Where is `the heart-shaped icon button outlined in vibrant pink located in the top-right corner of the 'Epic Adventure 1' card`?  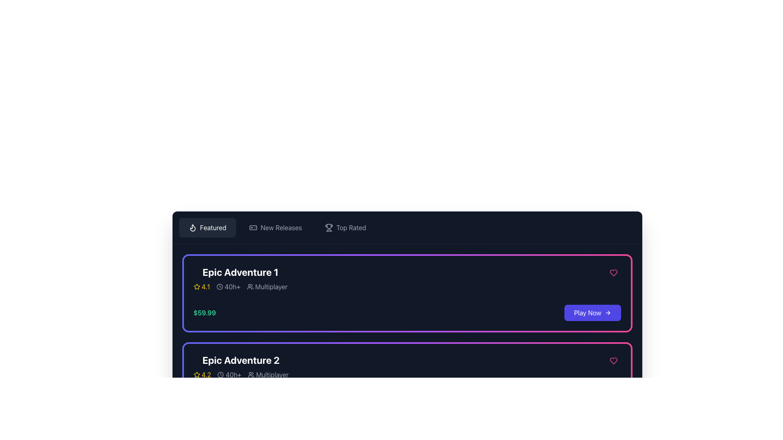
the heart-shaped icon button outlined in vibrant pink located in the top-right corner of the 'Epic Adventure 1' card is located at coordinates (613, 273).